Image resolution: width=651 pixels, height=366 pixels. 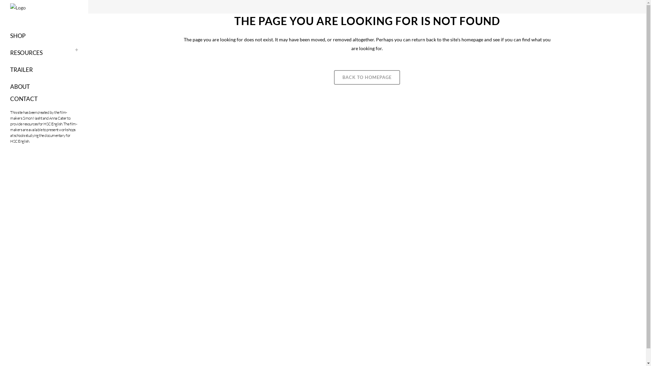 I want to click on 'TRAILER', so click(x=43, y=69).